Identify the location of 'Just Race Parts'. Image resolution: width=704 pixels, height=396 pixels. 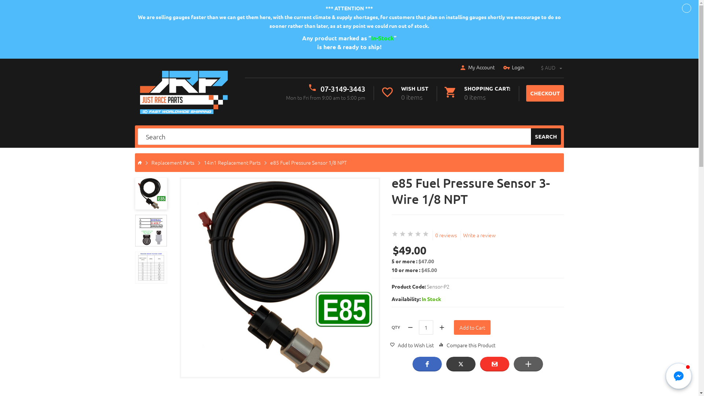
(184, 92).